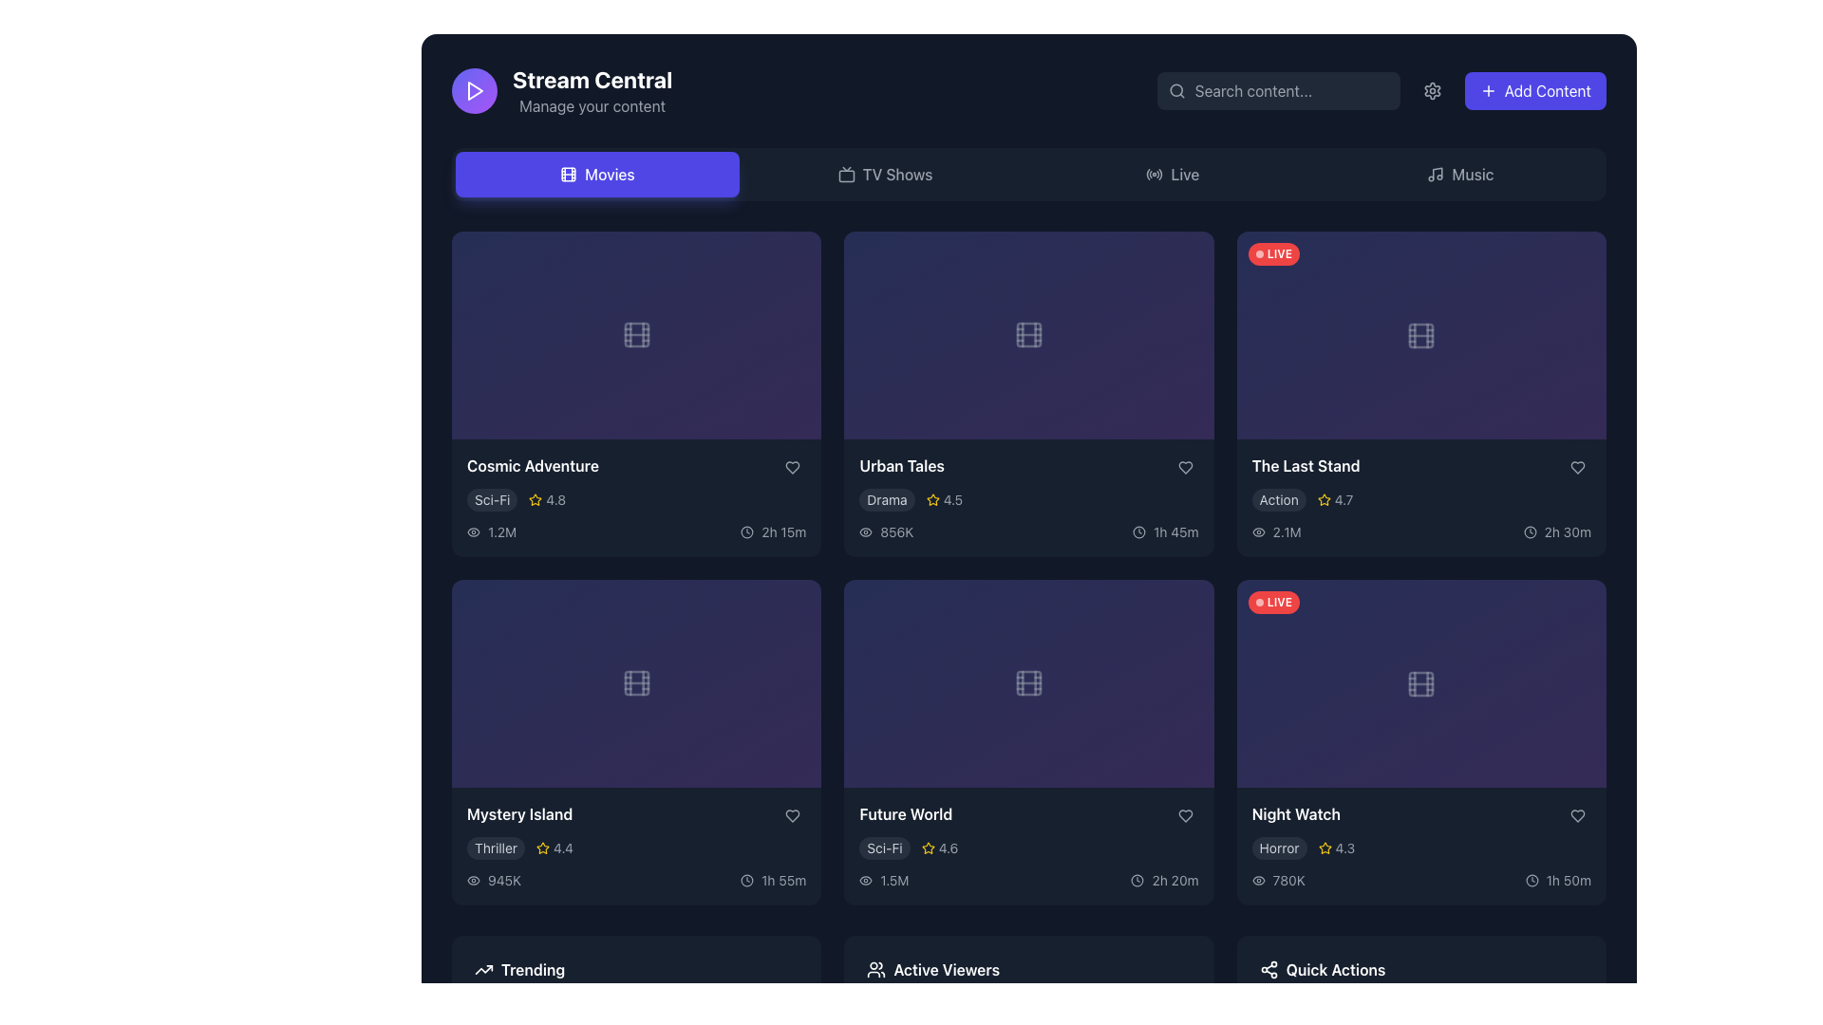 The width and height of the screenshot is (1823, 1025). Describe the element at coordinates (636, 683) in the screenshot. I see `the small rounded rectangle element within the film reel icon for the movie 'Mystery Island', located in the second row and first column of the grid` at that location.